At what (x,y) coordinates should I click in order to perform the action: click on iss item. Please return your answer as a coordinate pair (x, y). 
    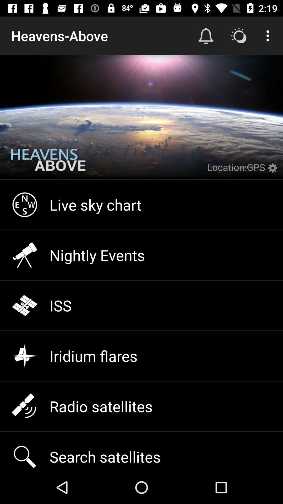
    Looking at the image, I should click on (141, 306).